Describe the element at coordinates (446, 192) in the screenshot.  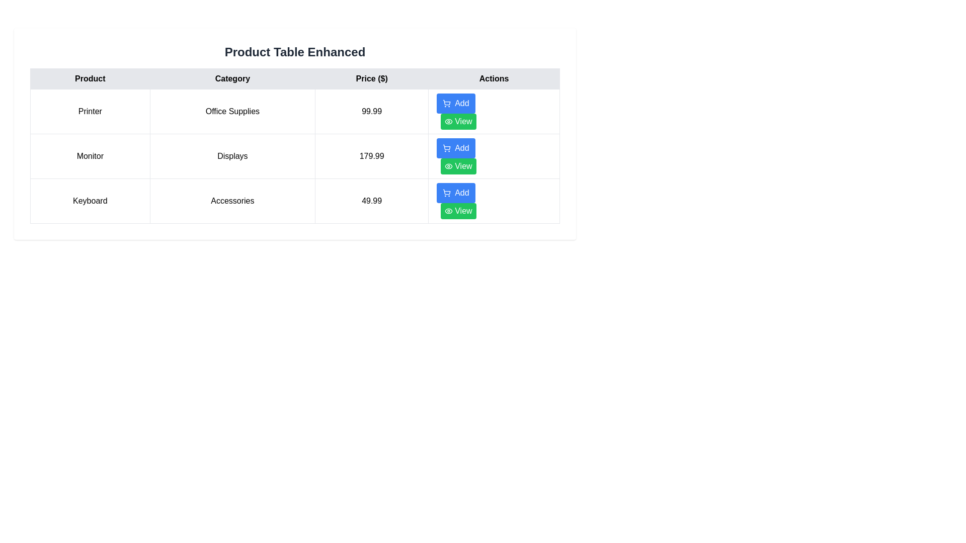
I see `the 'Add' button represented by a shopping cart icon located in the third row of the 'Actions' column of a table` at that location.